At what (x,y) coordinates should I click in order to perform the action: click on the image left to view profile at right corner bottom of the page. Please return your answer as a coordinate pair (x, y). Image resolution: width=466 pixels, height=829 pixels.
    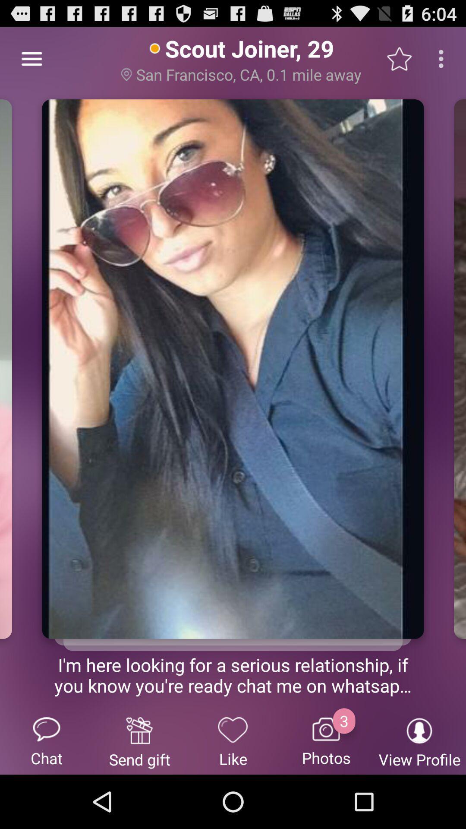
    Looking at the image, I should click on (326, 741).